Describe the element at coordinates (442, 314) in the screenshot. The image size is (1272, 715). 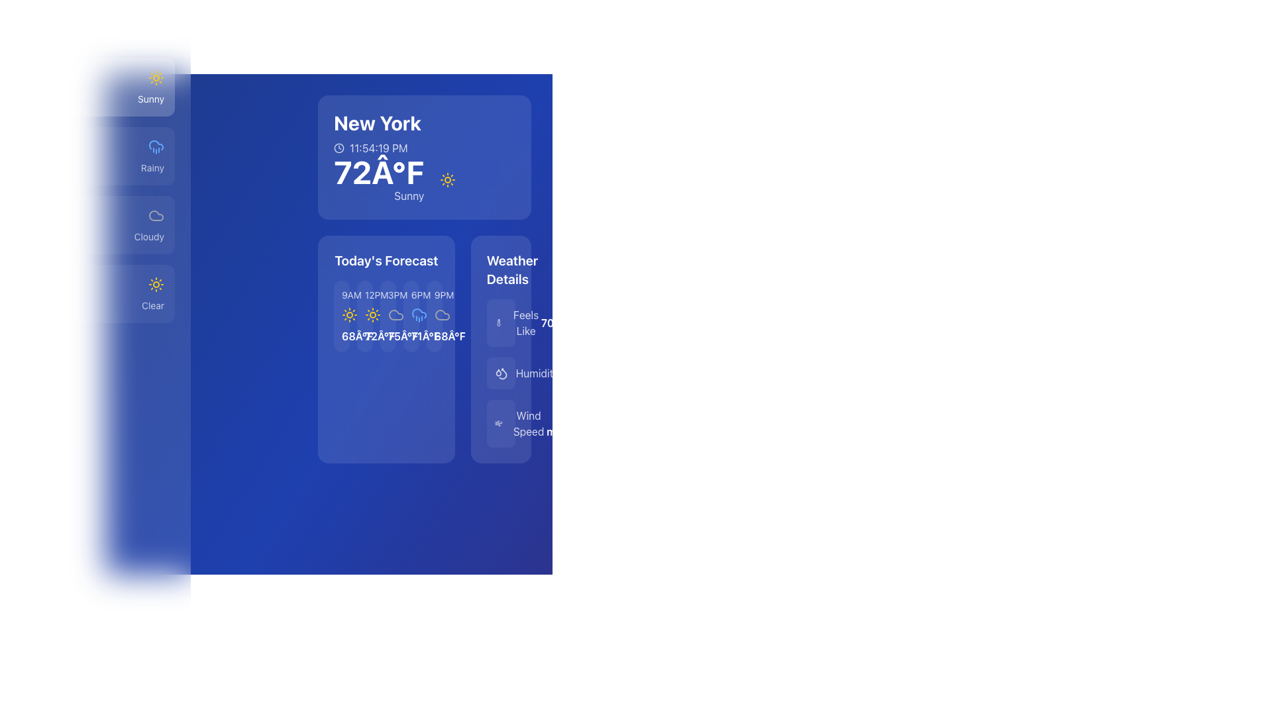
I see `the cloud icon representing the cloudy weather condition in the 'Today's Forecast' section, located near the '6PM' time label` at that location.